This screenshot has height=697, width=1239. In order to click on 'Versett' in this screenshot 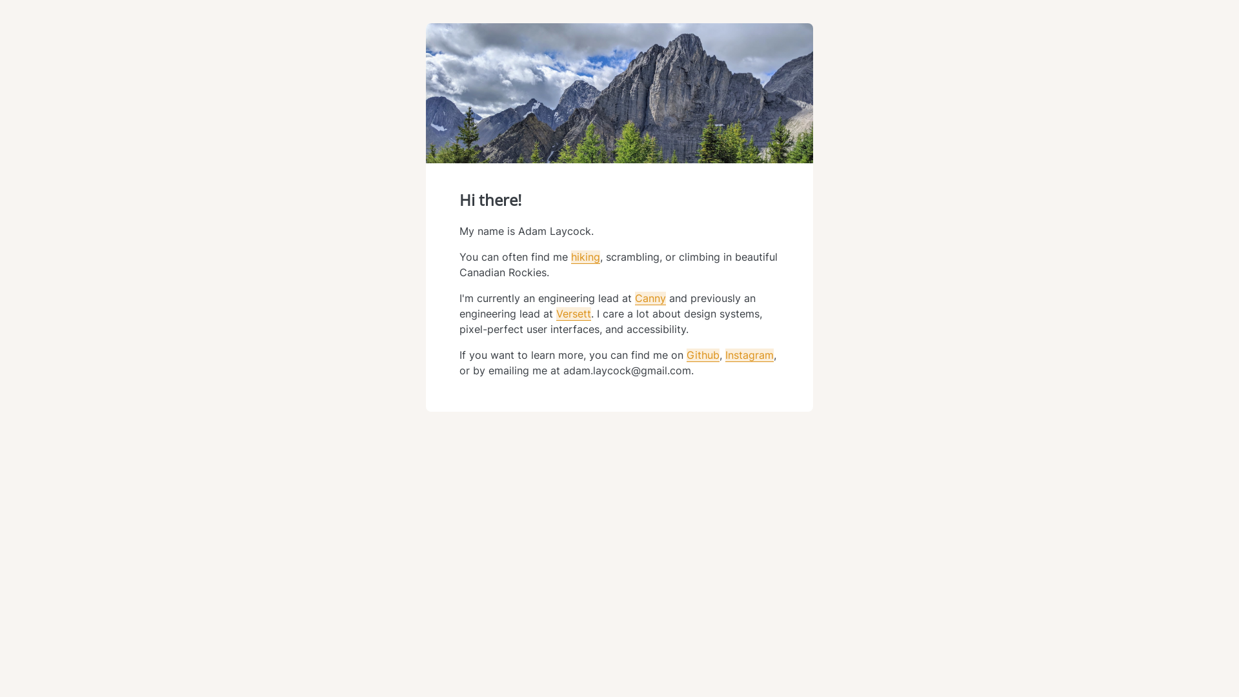, I will do `click(572, 314)`.